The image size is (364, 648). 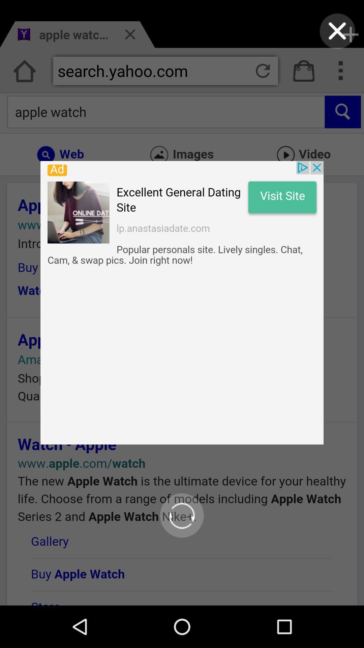 What do you see at coordinates (182, 302) in the screenshot?
I see `opens up advertisement` at bounding box center [182, 302].